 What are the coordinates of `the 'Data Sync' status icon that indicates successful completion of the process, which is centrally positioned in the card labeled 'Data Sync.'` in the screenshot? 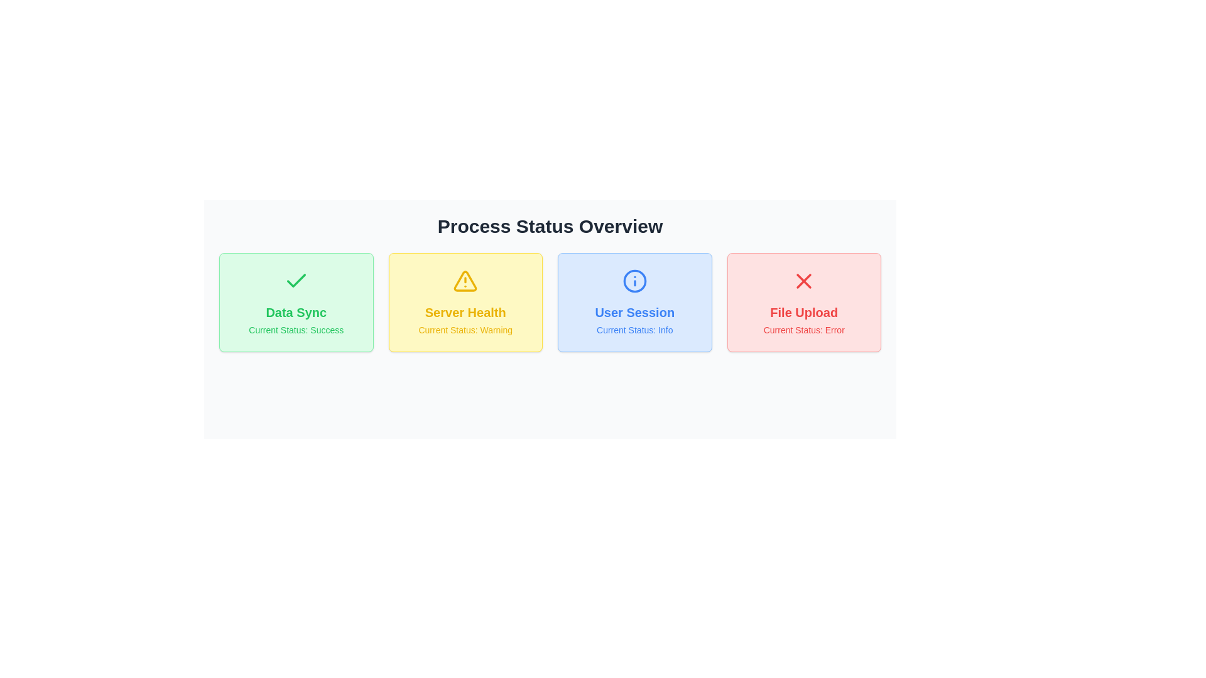 It's located at (295, 280).